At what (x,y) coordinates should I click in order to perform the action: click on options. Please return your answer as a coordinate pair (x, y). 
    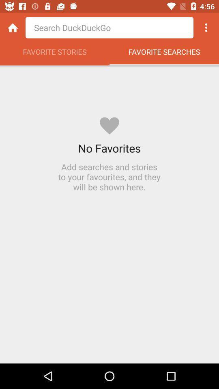
    Looking at the image, I should click on (206, 28).